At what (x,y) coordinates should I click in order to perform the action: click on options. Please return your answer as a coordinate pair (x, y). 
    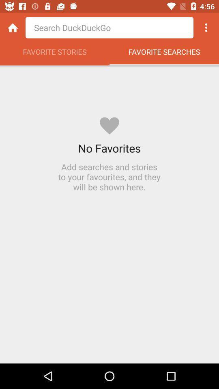
    Looking at the image, I should click on (206, 28).